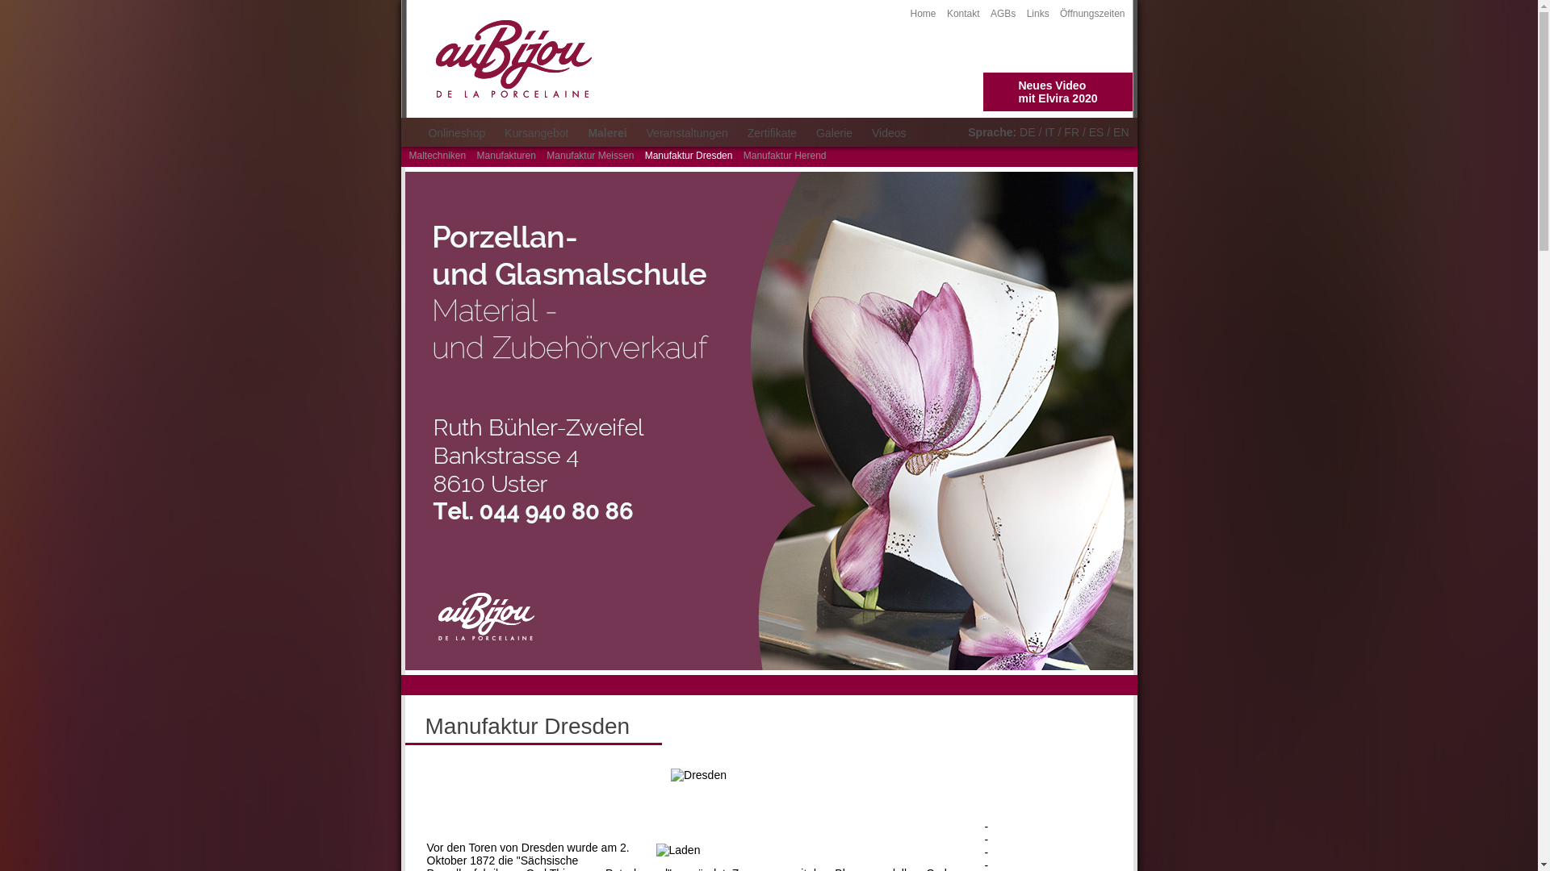 The image size is (1550, 871). I want to click on 'Kontakt', so click(963, 13).